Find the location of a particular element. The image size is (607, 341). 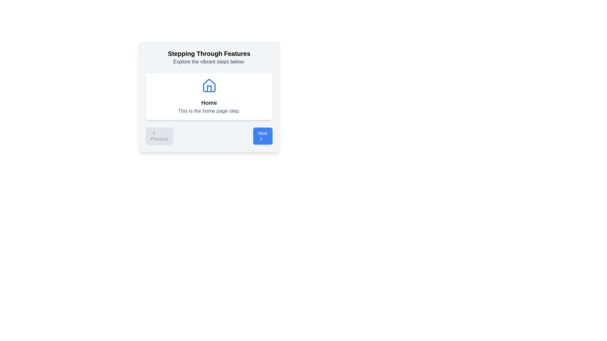

the right-facing chevron icon that is part of the blue 'Next' button, located at the bottom-right corner of the interface is located at coordinates (261, 139).